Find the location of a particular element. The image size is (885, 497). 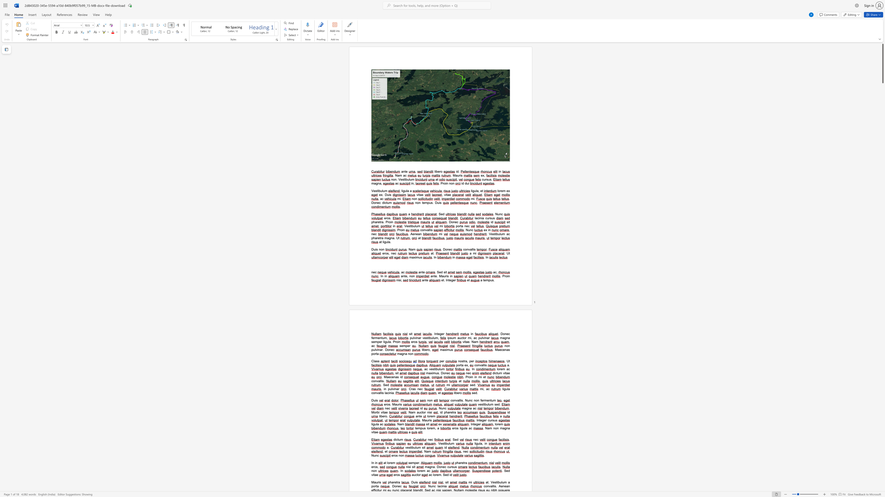

the space between the continuous character "N" and "a" in the text is located at coordinates (473, 342).